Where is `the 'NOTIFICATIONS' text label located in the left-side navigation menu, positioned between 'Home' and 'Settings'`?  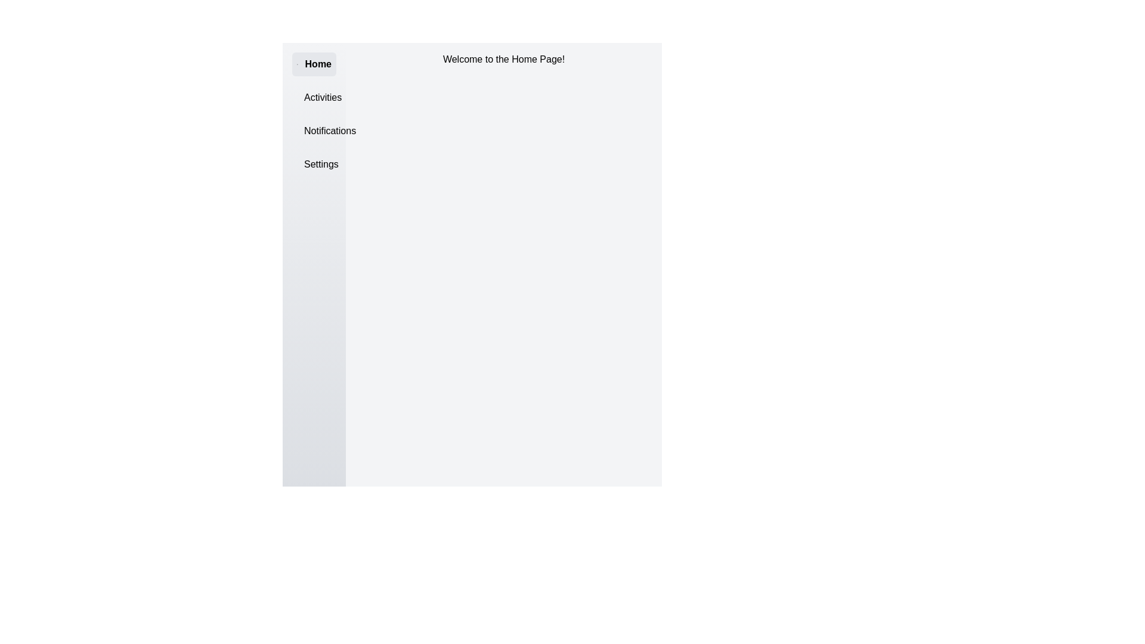
the 'NOTIFICATIONS' text label located in the left-side navigation menu, positioned between 'Home' and 'Settings' is located at coordinates (330, 131).